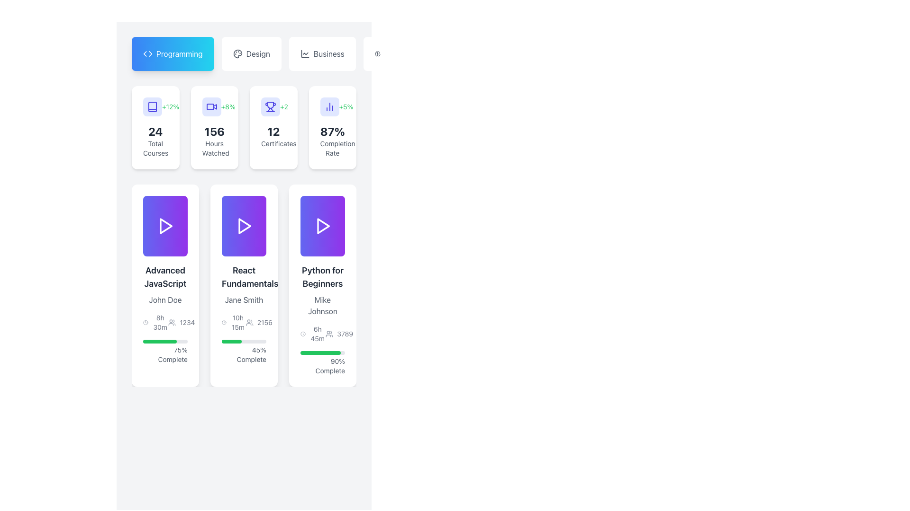 The height and width of the screenshot is (511, 910). I want to click on the icon representing users or participants, which is located to the left of the numerical label '1234' within the 'Advanced JavaScript' card, so click(172, 322).